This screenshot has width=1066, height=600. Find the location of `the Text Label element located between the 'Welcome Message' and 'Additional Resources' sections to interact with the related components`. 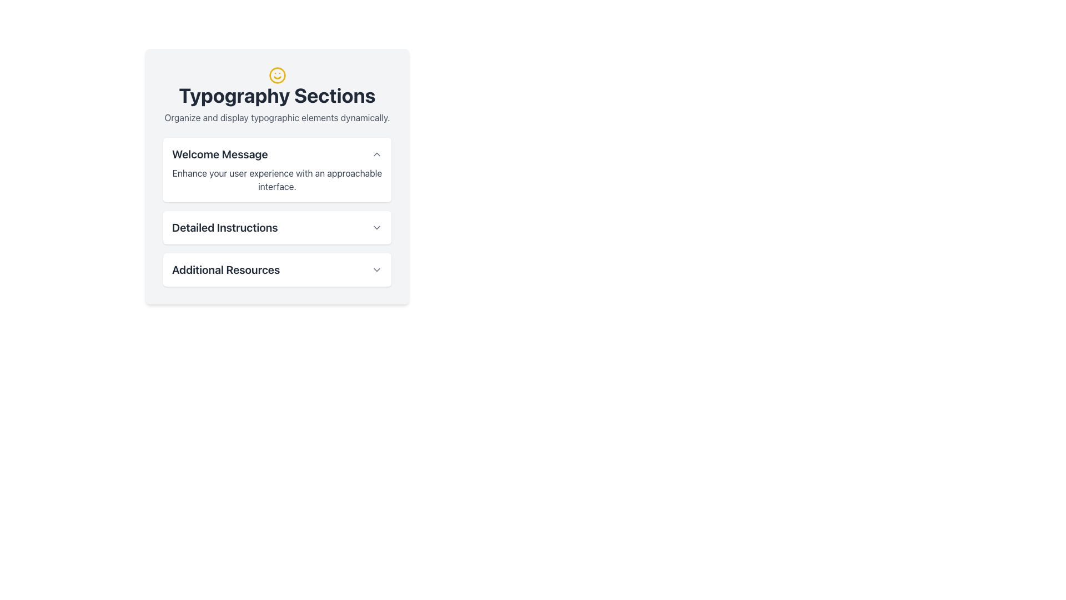

the Text Label element located between the 'Welcome Message' and 'Additional Resources' sections to interact with the related components is located at coordinates (224, 227).